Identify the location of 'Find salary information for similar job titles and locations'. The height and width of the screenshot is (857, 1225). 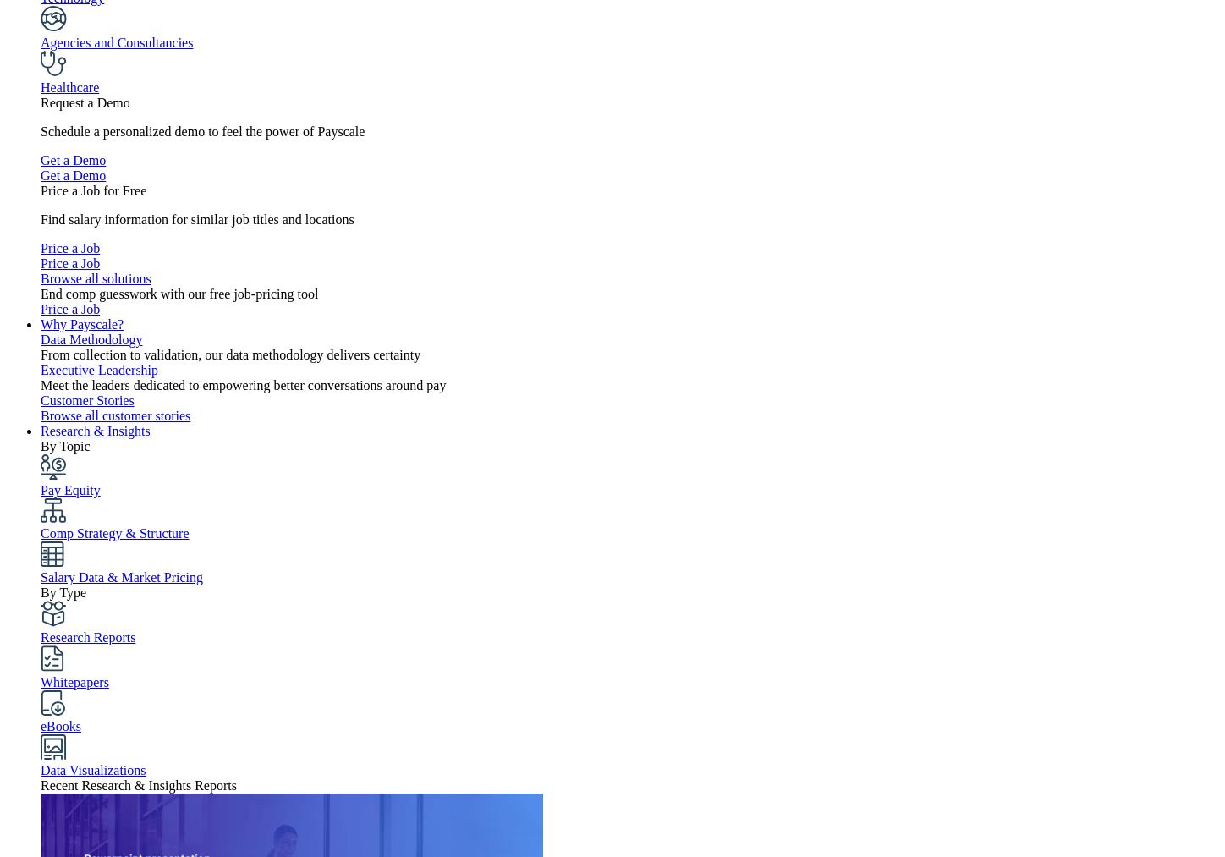
(196, 218).